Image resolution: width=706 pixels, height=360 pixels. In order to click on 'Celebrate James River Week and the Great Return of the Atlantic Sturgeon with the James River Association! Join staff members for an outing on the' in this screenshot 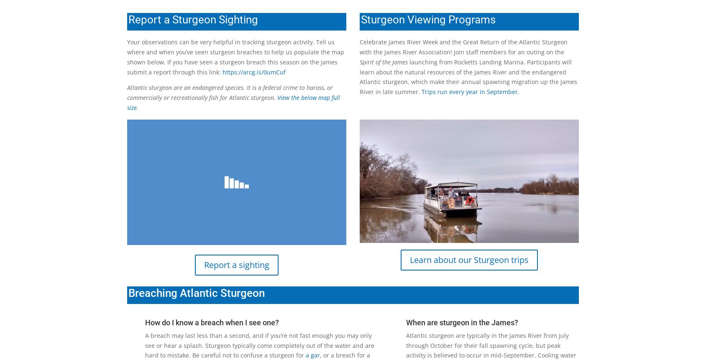, I will do `click(359, 46)`.